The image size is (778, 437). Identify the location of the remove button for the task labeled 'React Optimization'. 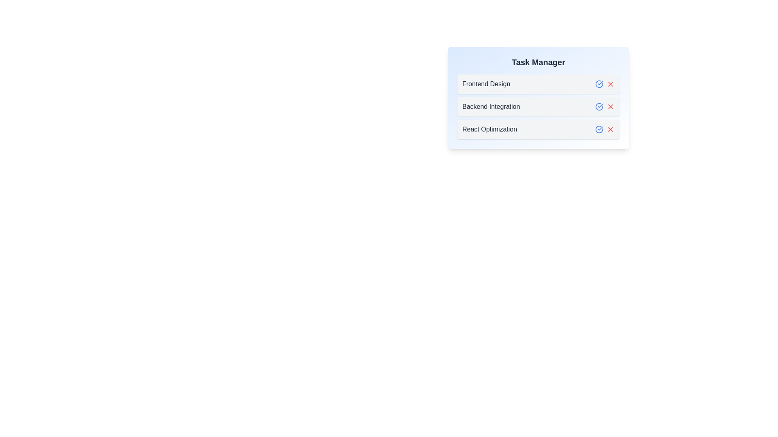
(611, 129).